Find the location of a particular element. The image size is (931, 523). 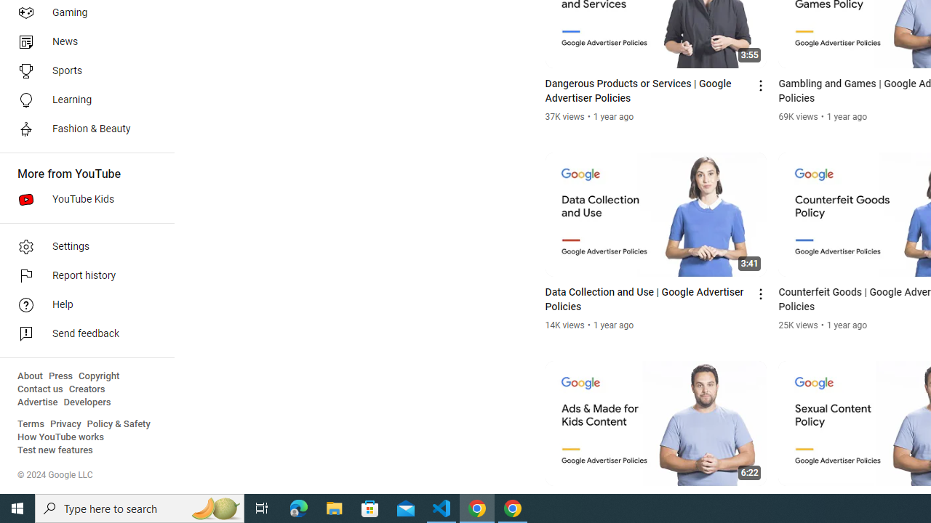

'Privacy' is located at coordinates (65, 424).